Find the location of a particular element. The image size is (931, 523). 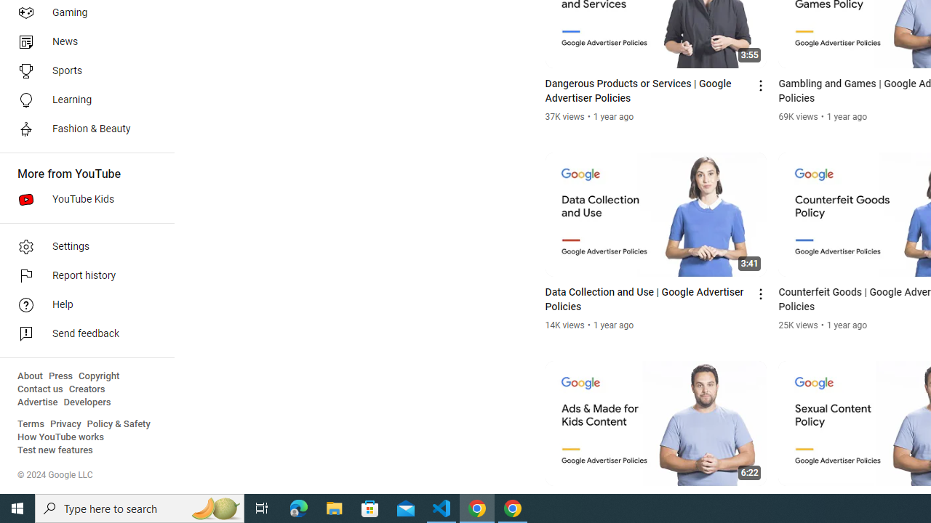

'Privacy' is located at coordinates (65, 424).